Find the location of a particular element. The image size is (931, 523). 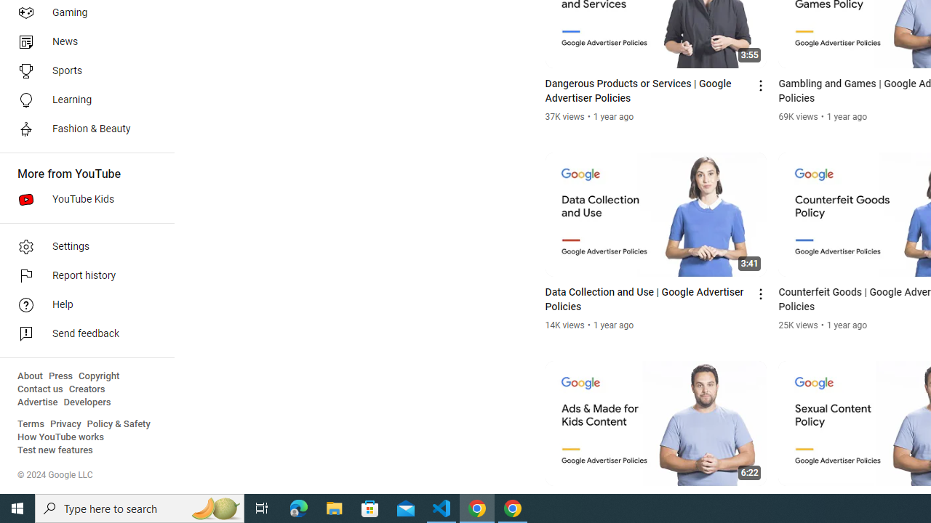

'Privacy' is located at coordinates (65, 424).